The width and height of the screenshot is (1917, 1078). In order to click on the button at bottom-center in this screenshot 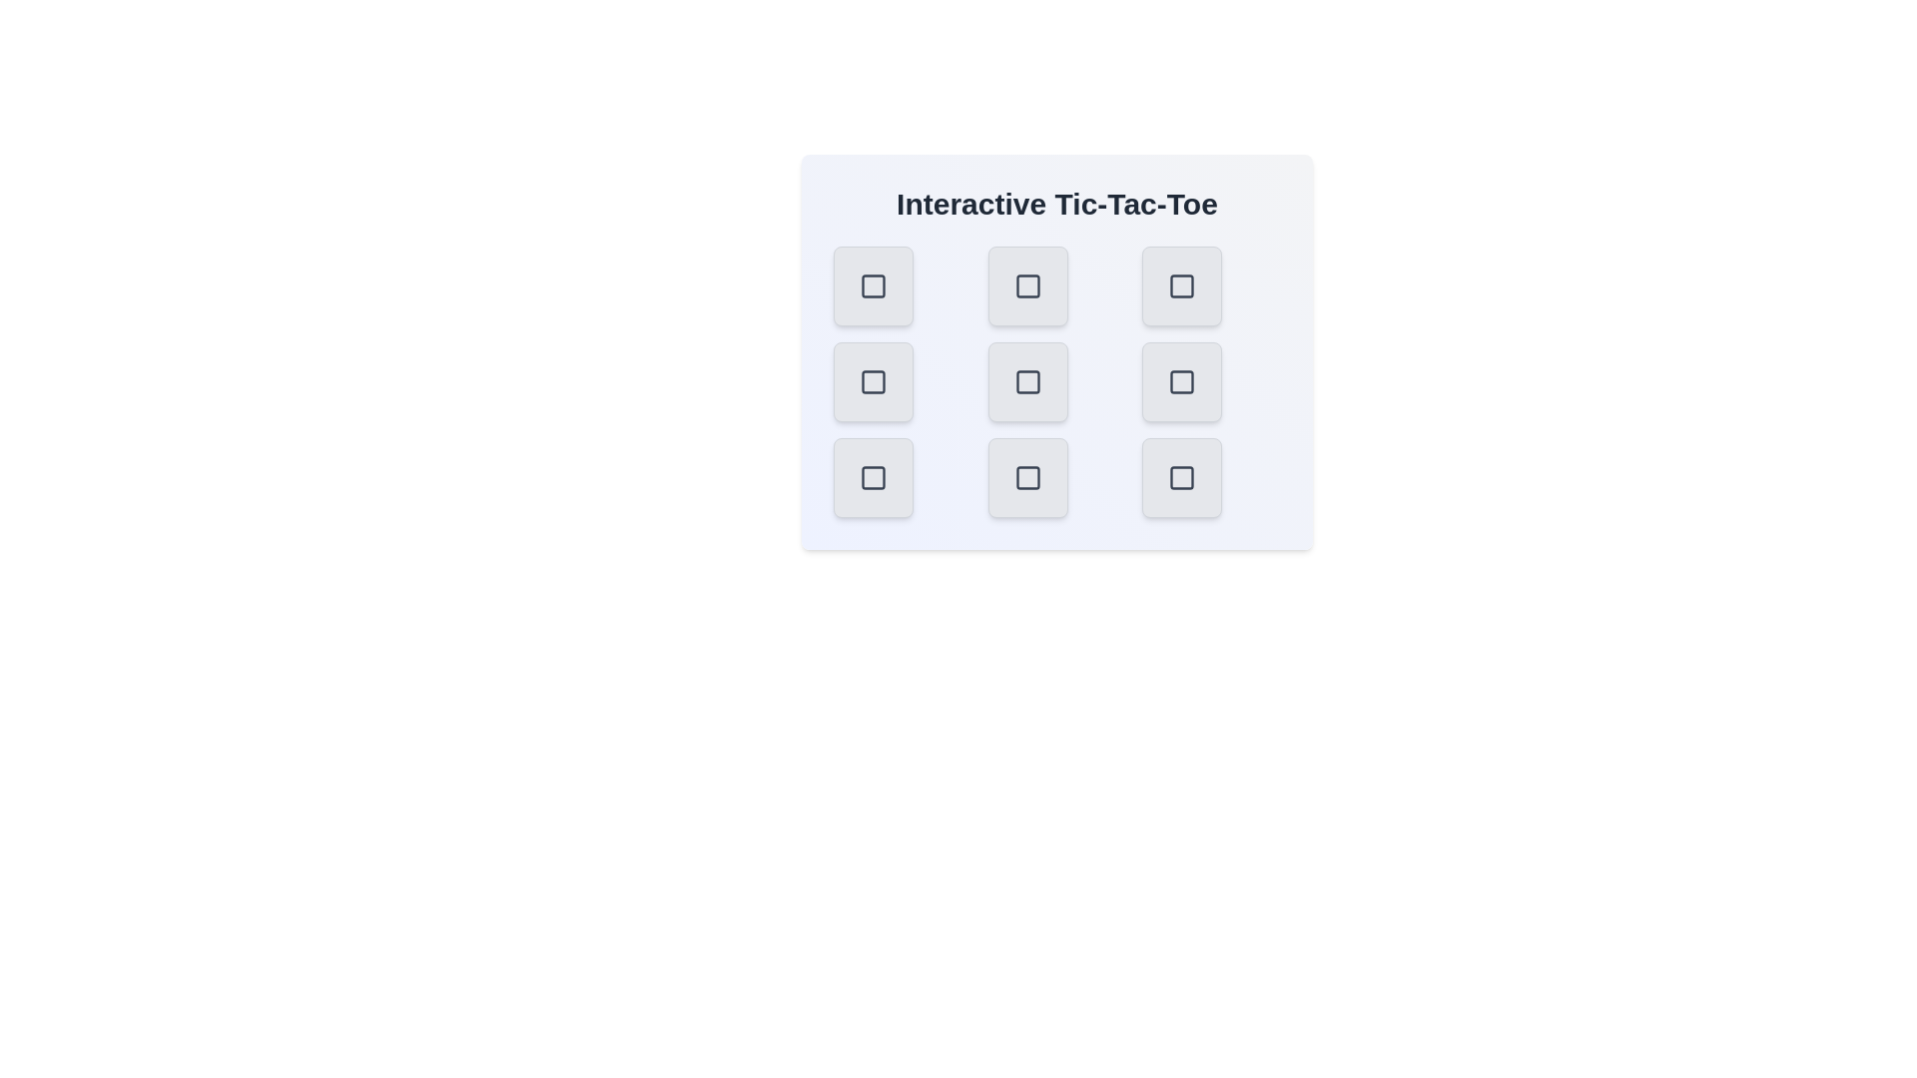, I will do `click(1027, 477)`.